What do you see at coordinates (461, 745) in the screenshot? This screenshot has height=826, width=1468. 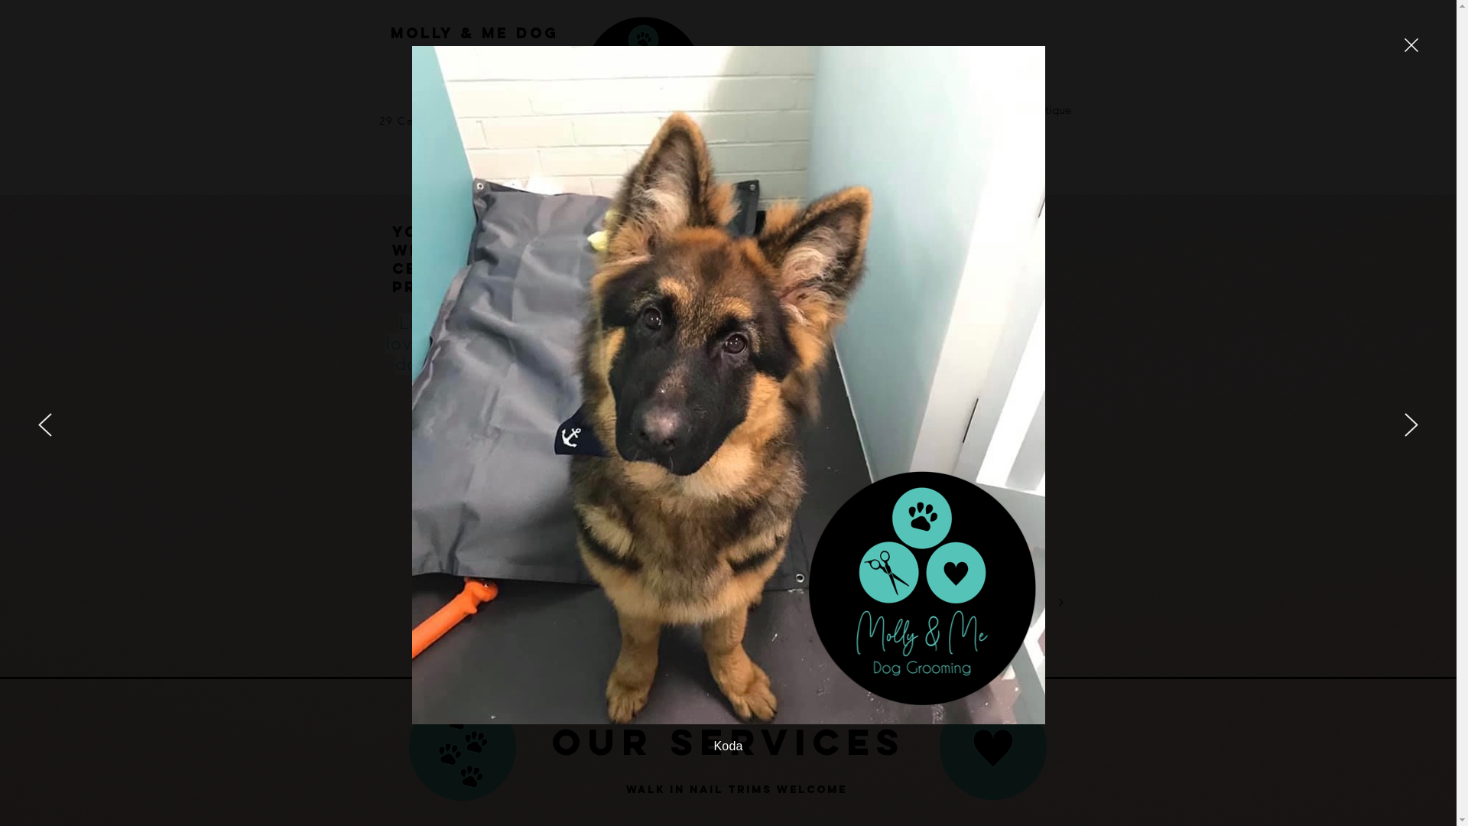 I see `'graphic 5.png'` at bounding box center [461, 745].